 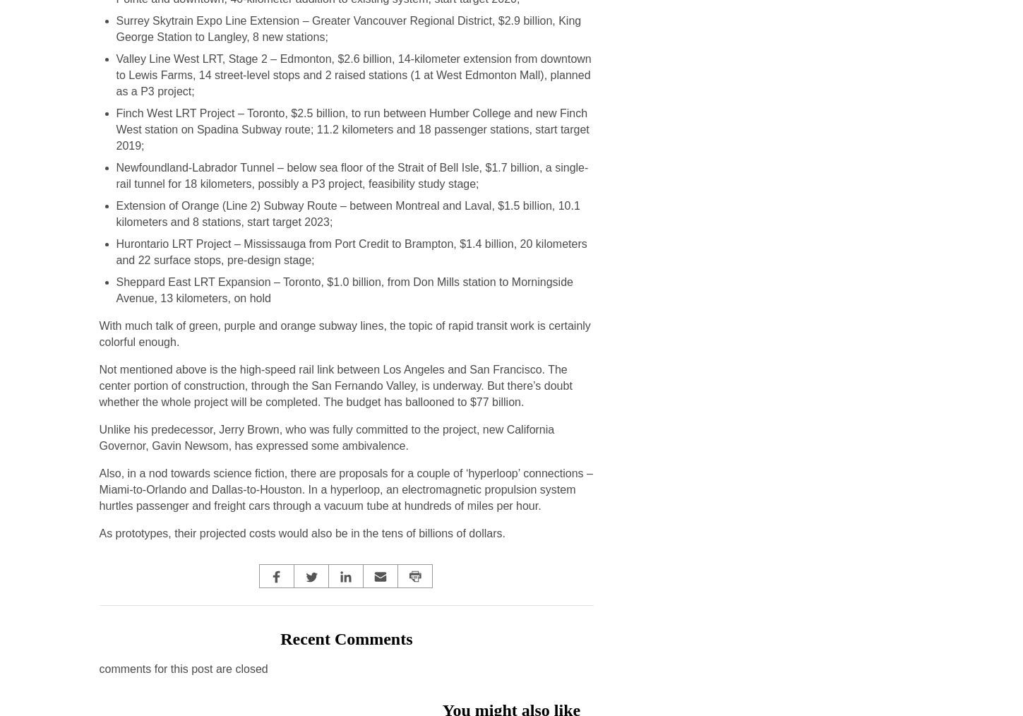 What do you see at coordinates (344, 289) in the screenshot?
I see `'Sheppard  East LRT Expansion – Toronto, $1.0 billion, from Don Mills station to  Morningside Avenue, 13 kilometers, on hold'` at bounding box center [344, 289].